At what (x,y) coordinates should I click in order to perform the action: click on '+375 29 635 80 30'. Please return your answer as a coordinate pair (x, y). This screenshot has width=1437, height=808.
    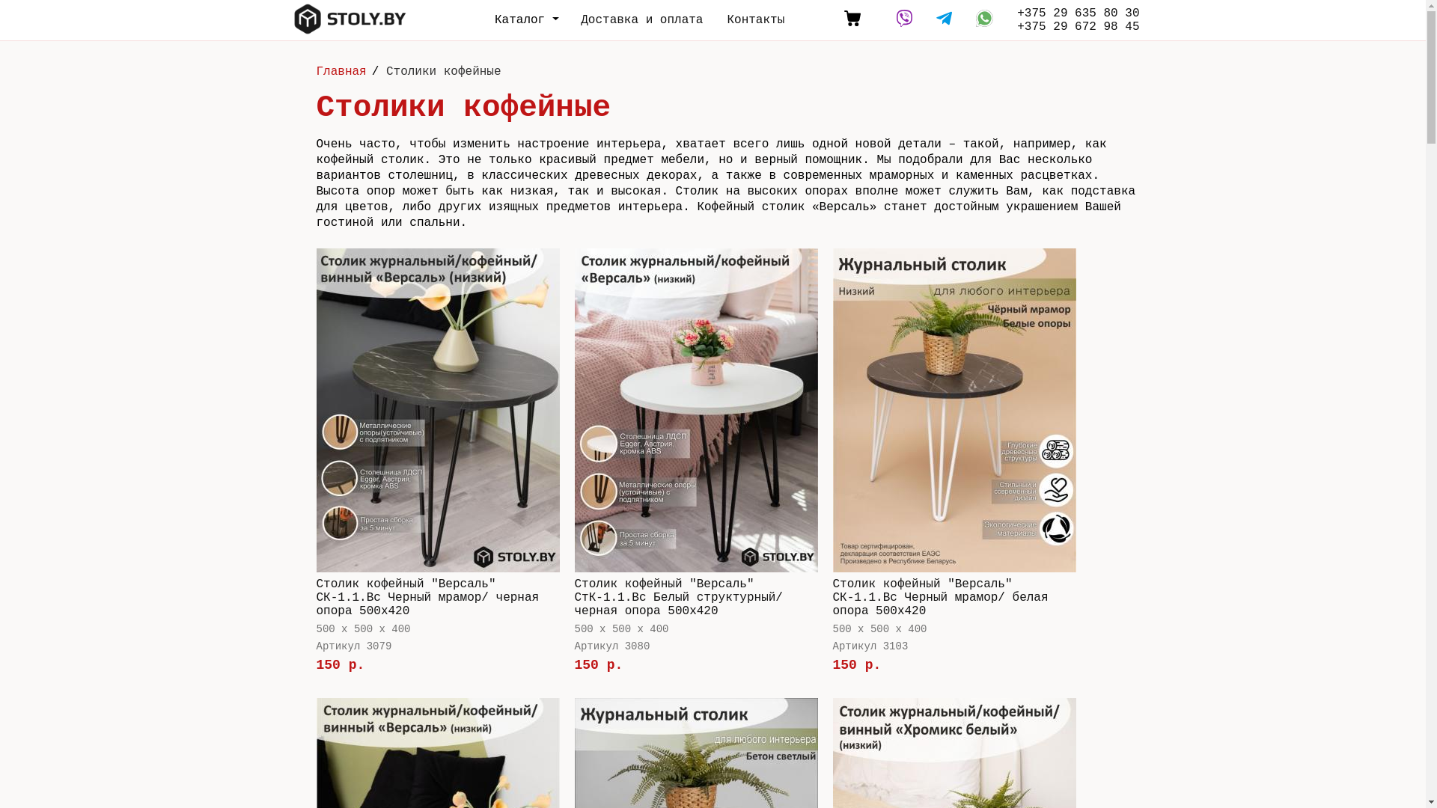
    Looking at the image, I should click on (1078, 13).